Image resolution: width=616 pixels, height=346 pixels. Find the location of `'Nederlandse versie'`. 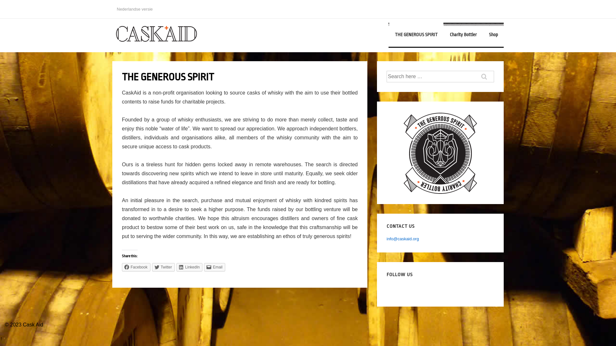

'Nederlandse versie' is located at coordinates (134, 9).